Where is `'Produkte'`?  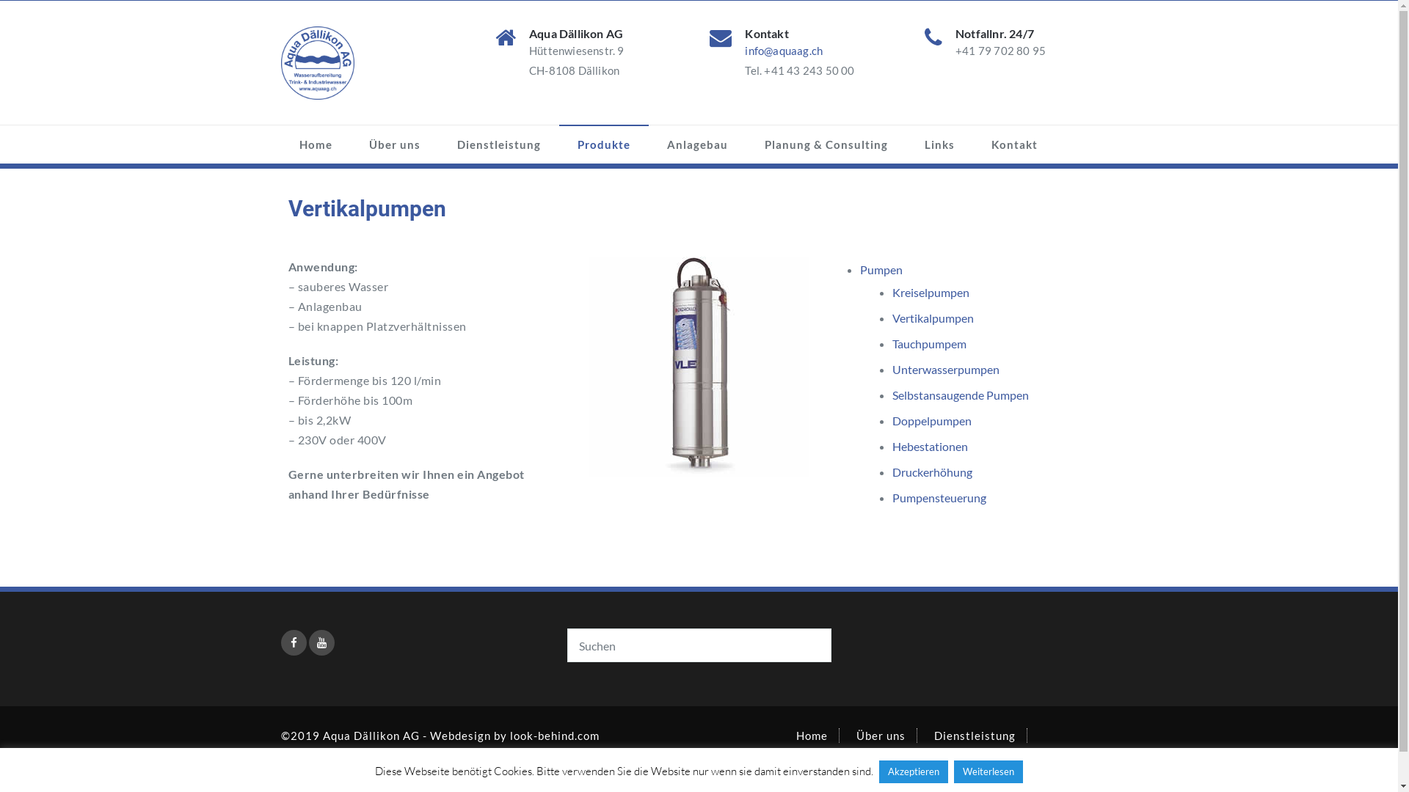 'Produkte' is located at coordinates (603, 144).